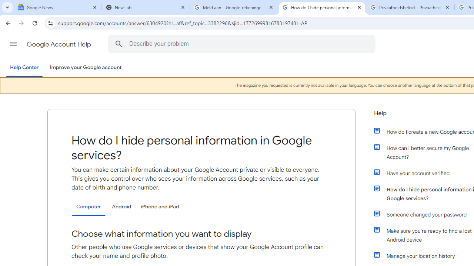  Describe the element at coordinates (86, 68) in the screenshot. I see `'Improve your Google account'` at that location.